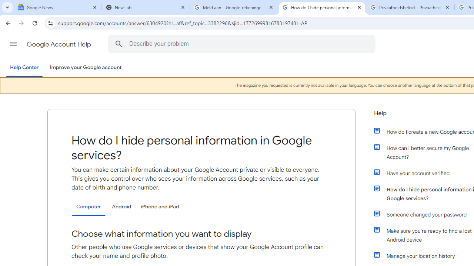  Describe the element at coordinates (86, 68) in the screenshot. I see `'Improve your Google account'` at that location.